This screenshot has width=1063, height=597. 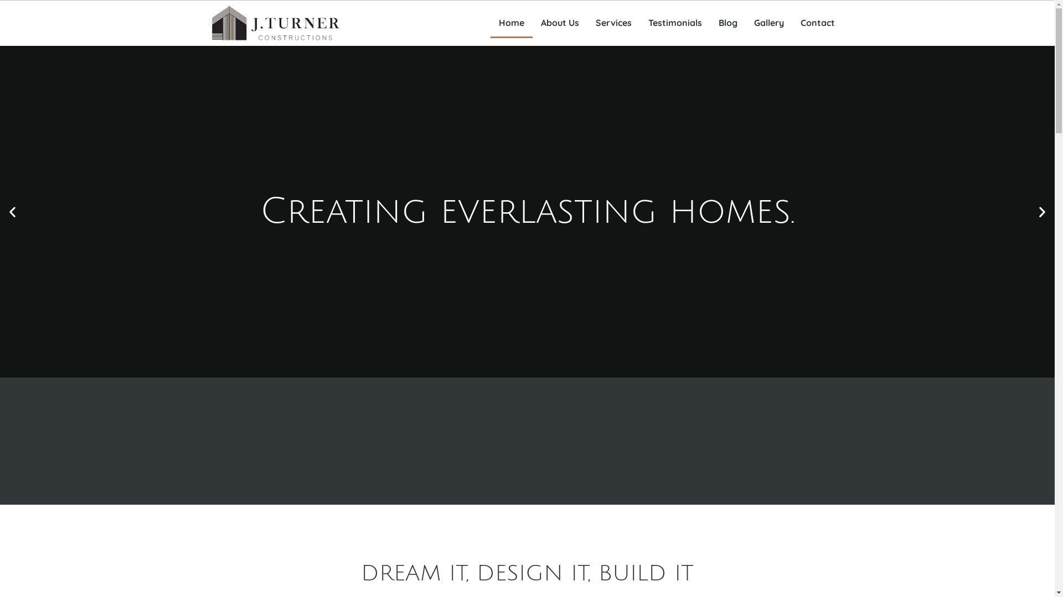 I want to click on 'Contact', so click(x=817, y=23).